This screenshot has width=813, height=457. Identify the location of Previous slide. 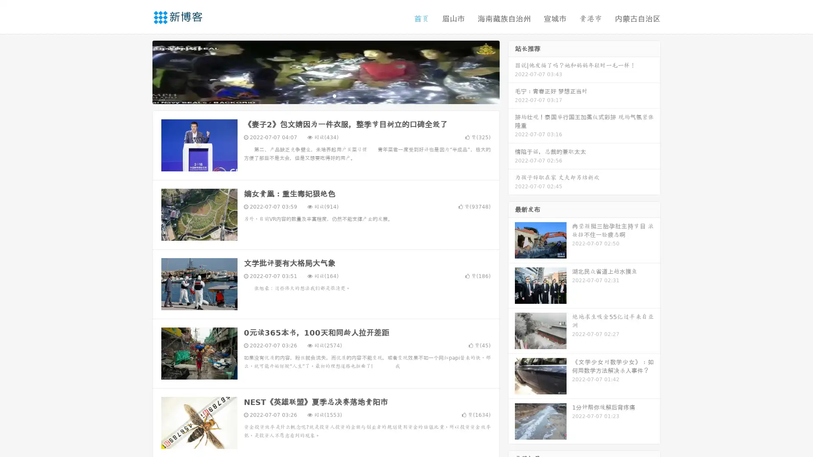
(140, 71).